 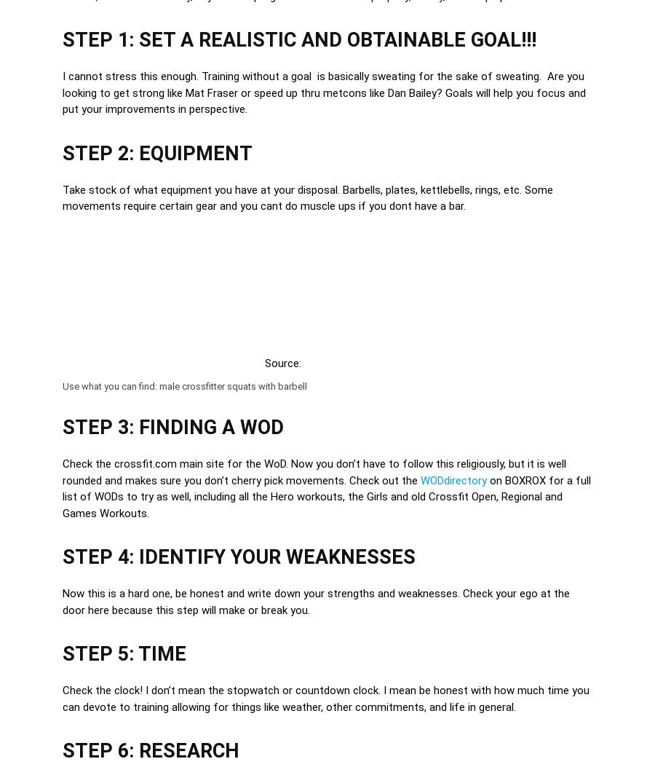 I want to click on 'RX'd Photography', so click(x=346, y=363).